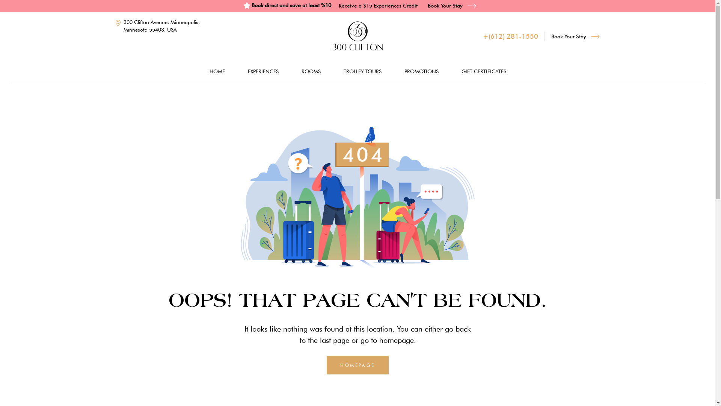 This screenshot has height=406, width=721. Describe the element at coordinates (326, 365) in the screenshot. I see `'HOMEPAGE'` at that location.